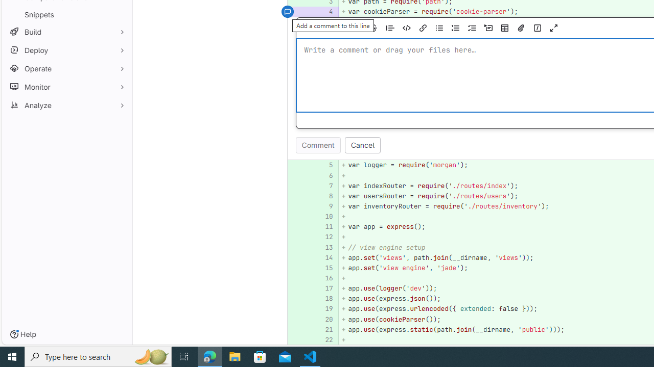  Describe the element at coordinates (323, 216) in the screenshot. I see `'10'` at that location.